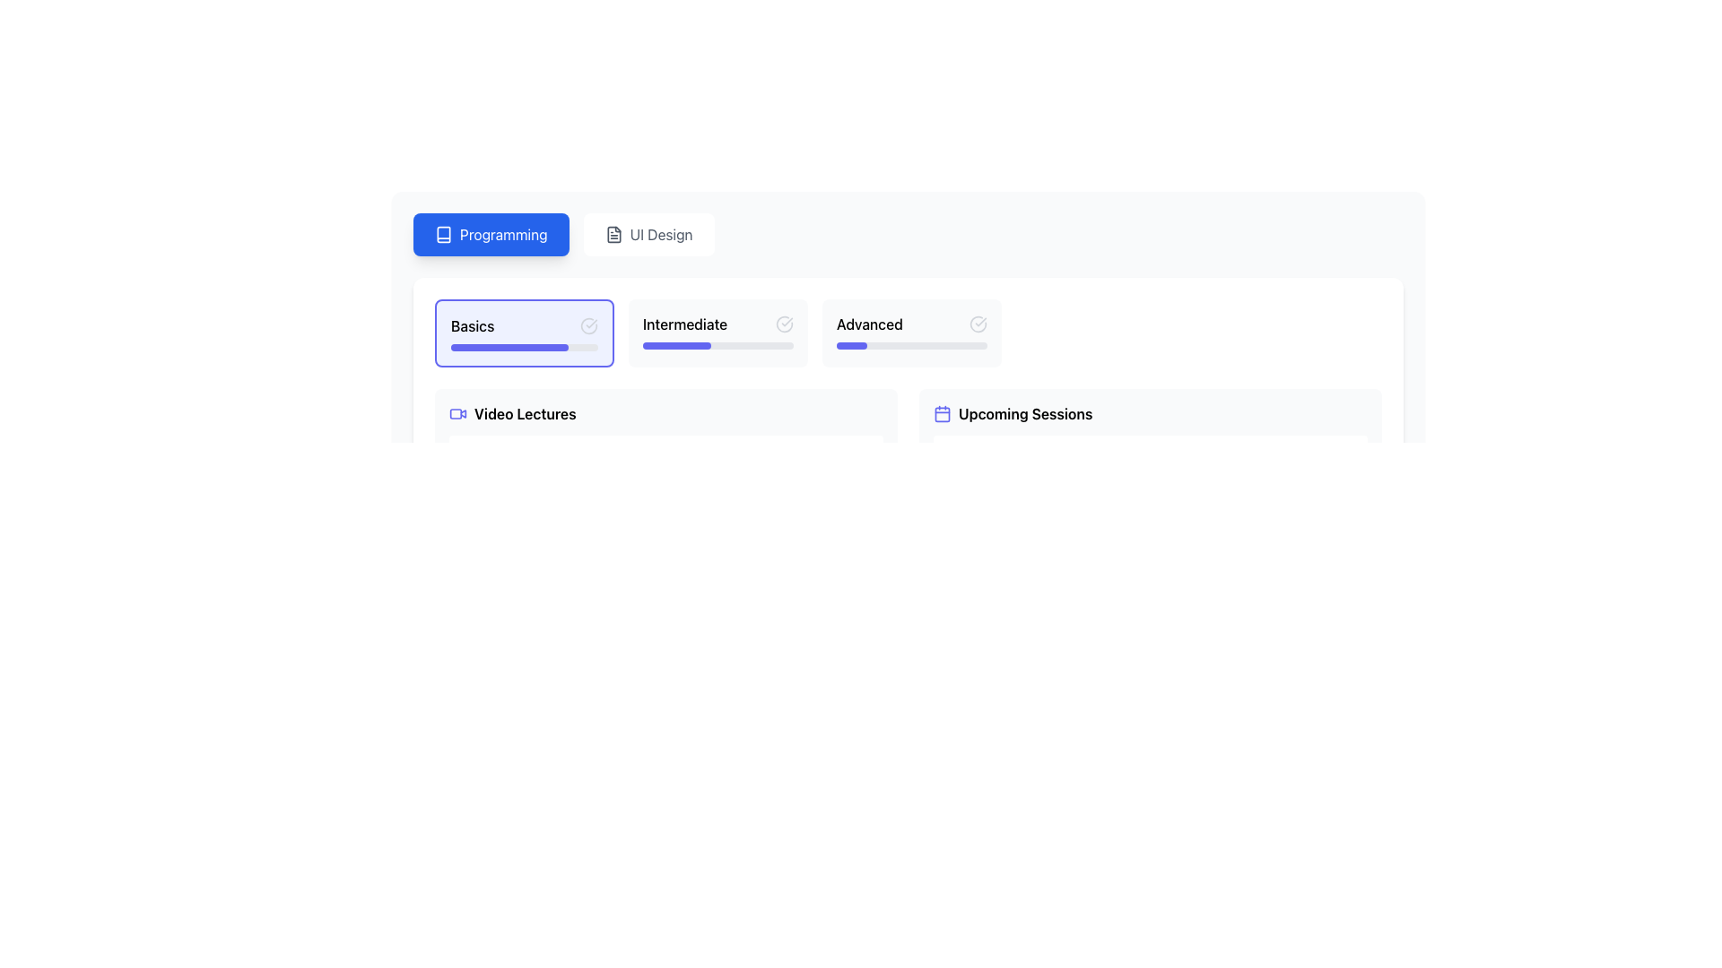  Describe the element at coordinates (942, 414) in the screenshot. I see `the indigo calendar icon, which has rounded corners and is located` at that location.